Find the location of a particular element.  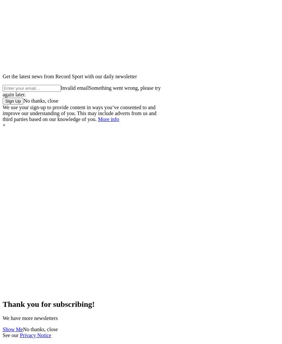

'More info' is located at coordinates (108, 119).